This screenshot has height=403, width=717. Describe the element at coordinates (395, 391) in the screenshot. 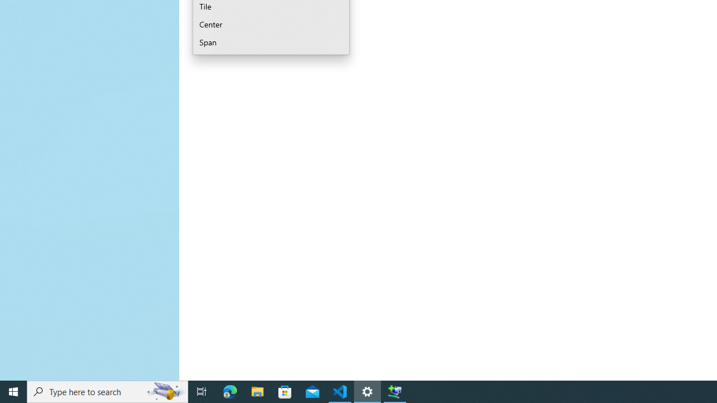

I see `'Extensible Wizards Host Process - 1 running window'` at that location.